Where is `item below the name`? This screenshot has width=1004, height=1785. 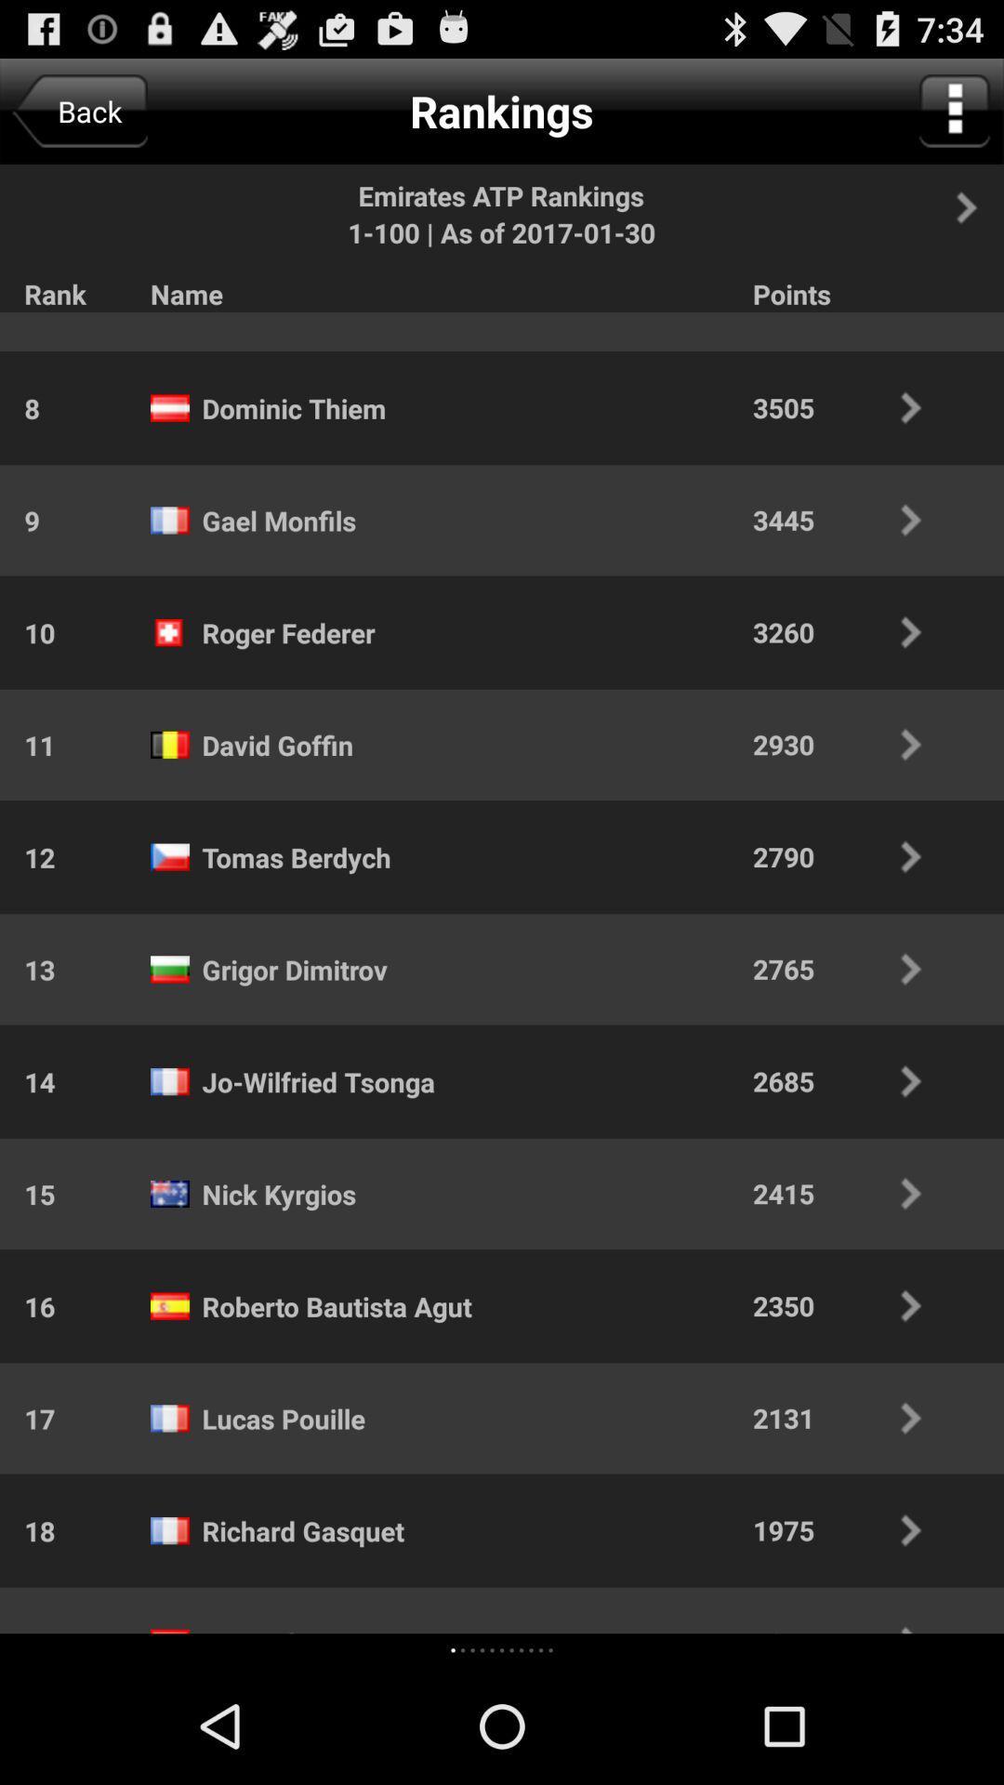 item below the name is located at coordinates (502, 1650).